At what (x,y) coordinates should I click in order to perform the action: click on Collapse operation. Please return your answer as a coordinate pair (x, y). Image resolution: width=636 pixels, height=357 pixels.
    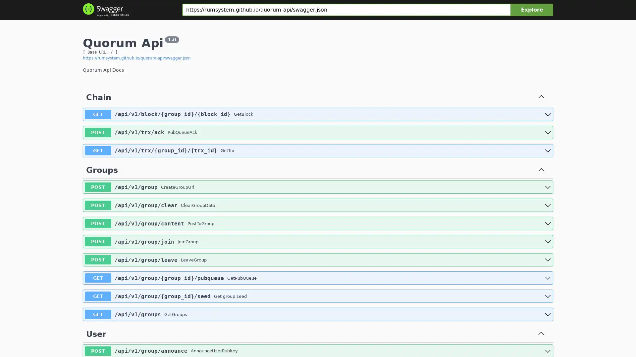
    Looking at the image, I should click on (541, 334).